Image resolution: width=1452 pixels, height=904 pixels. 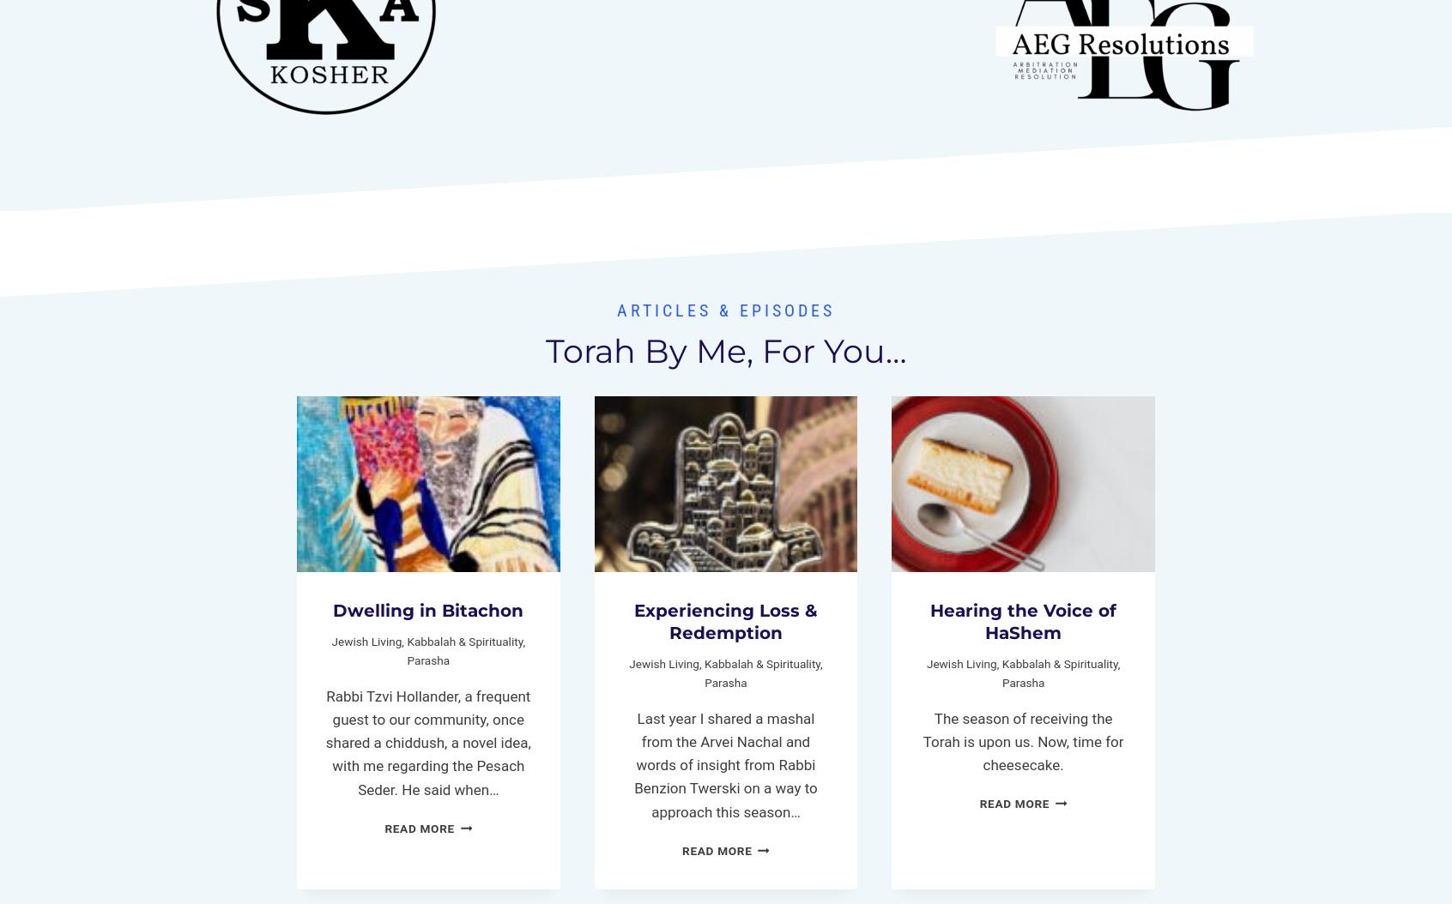 What do you see at coordinates (1022, 619) in the screenshot?
I see `'Hearing the Voice of HaShem'` at bounding box center [1022, 619].